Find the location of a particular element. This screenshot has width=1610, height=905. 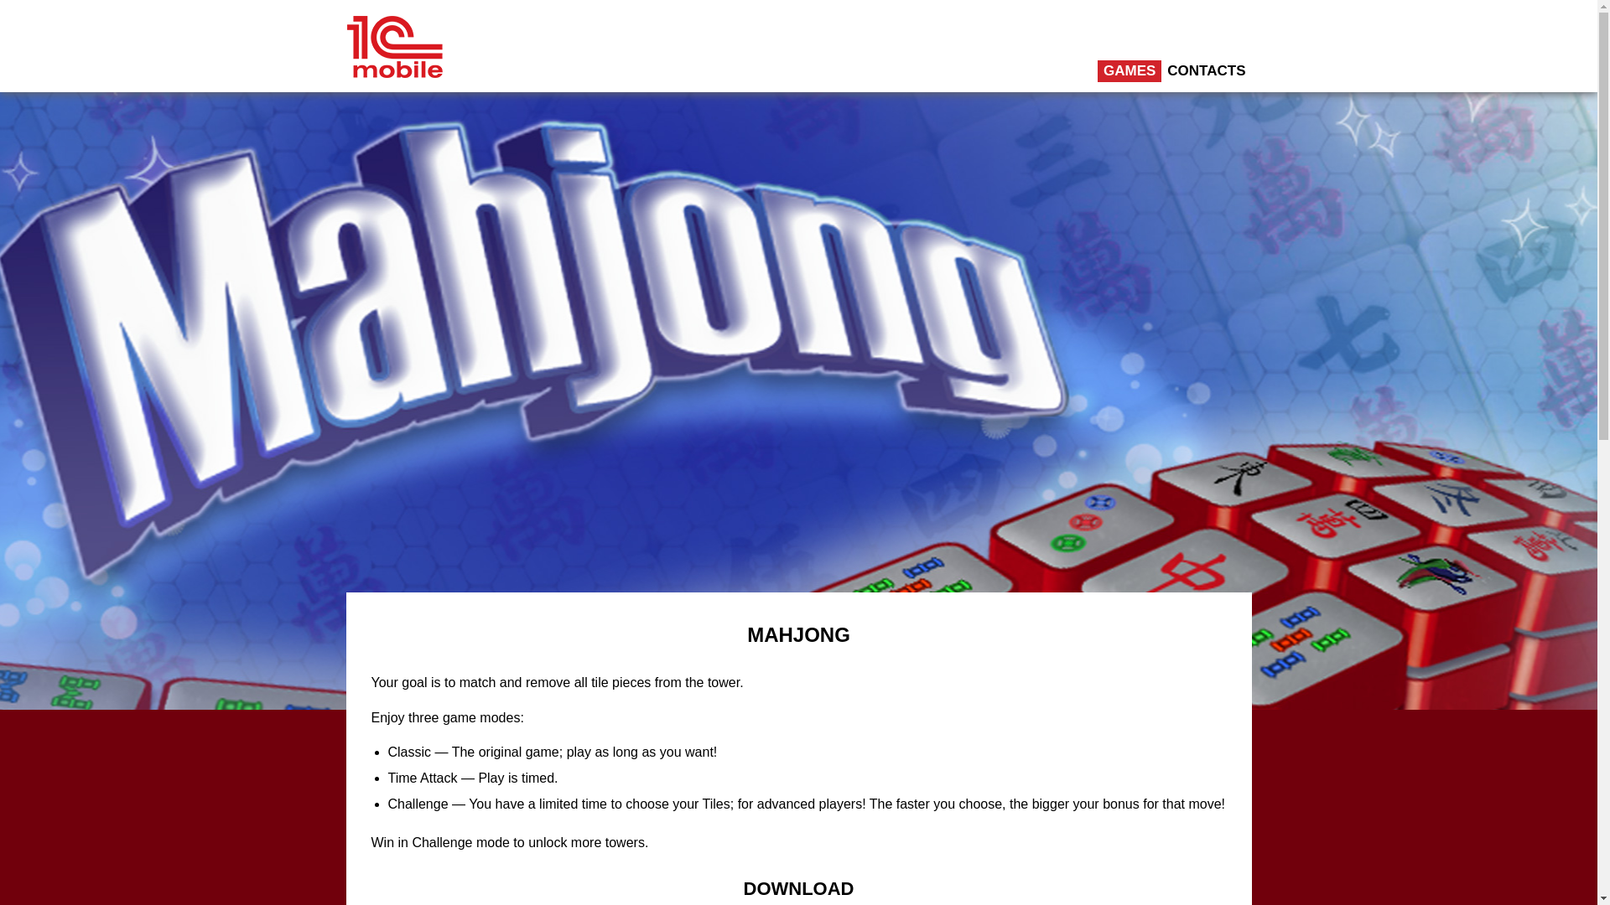

'GAMES' is located at coordinates (1130, 70).